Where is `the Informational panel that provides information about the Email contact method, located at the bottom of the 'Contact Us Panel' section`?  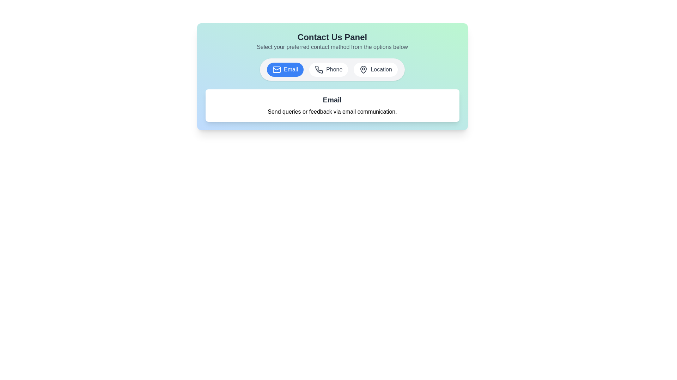
the Informational panel that provides information about the Email contact method, located at the bottom of the 'Contact Us Panel' section is located at coordinates (332, 106).